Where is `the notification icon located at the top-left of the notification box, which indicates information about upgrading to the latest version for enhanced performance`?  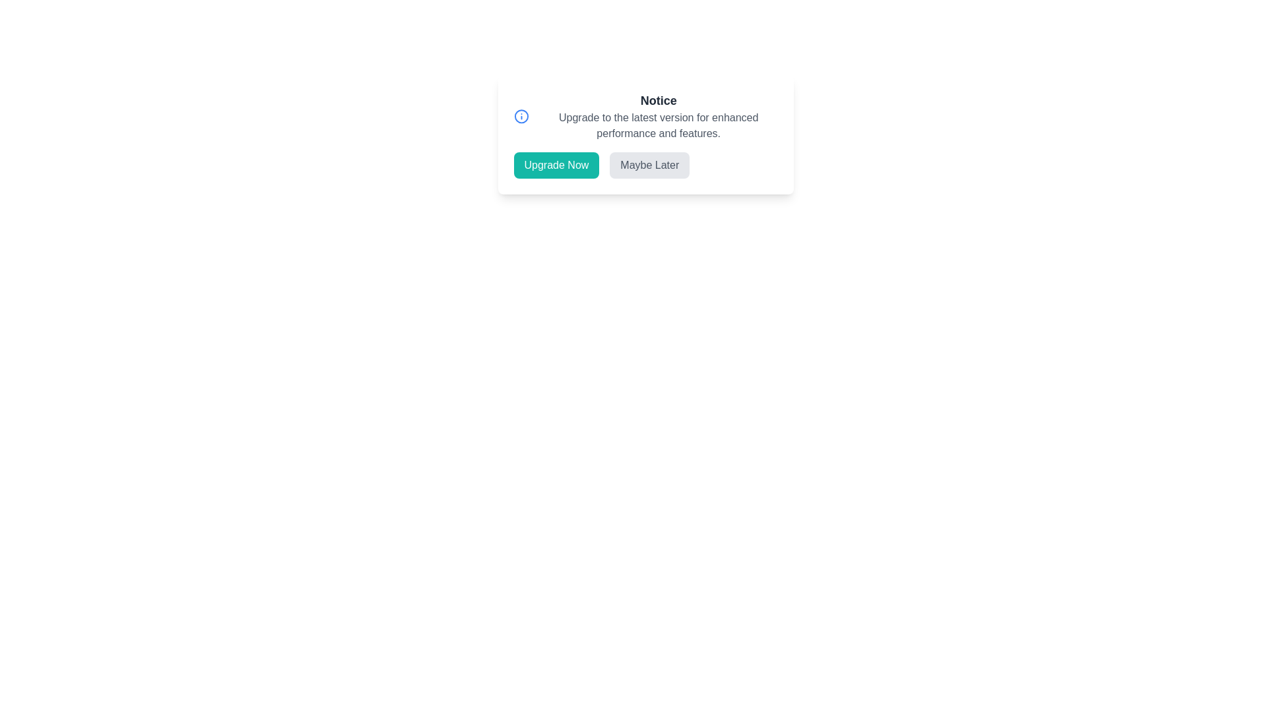 the notification icon located at the top-left of the notification box, which indicates information about upgrading to the latest version for enhanced performance is located at coordinates (521, 116).